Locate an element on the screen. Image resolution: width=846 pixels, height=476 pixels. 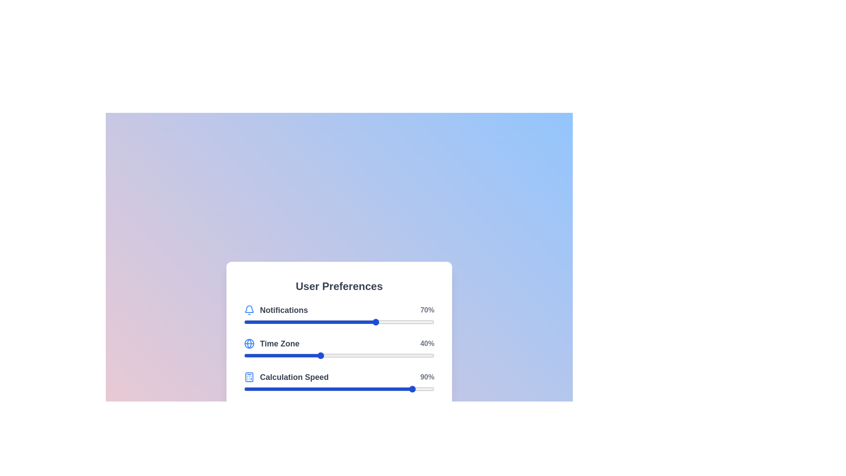
the 'Time Zone' slider to 9% by dragging the slider to the corresponding position is located at coordinates (260, 355).